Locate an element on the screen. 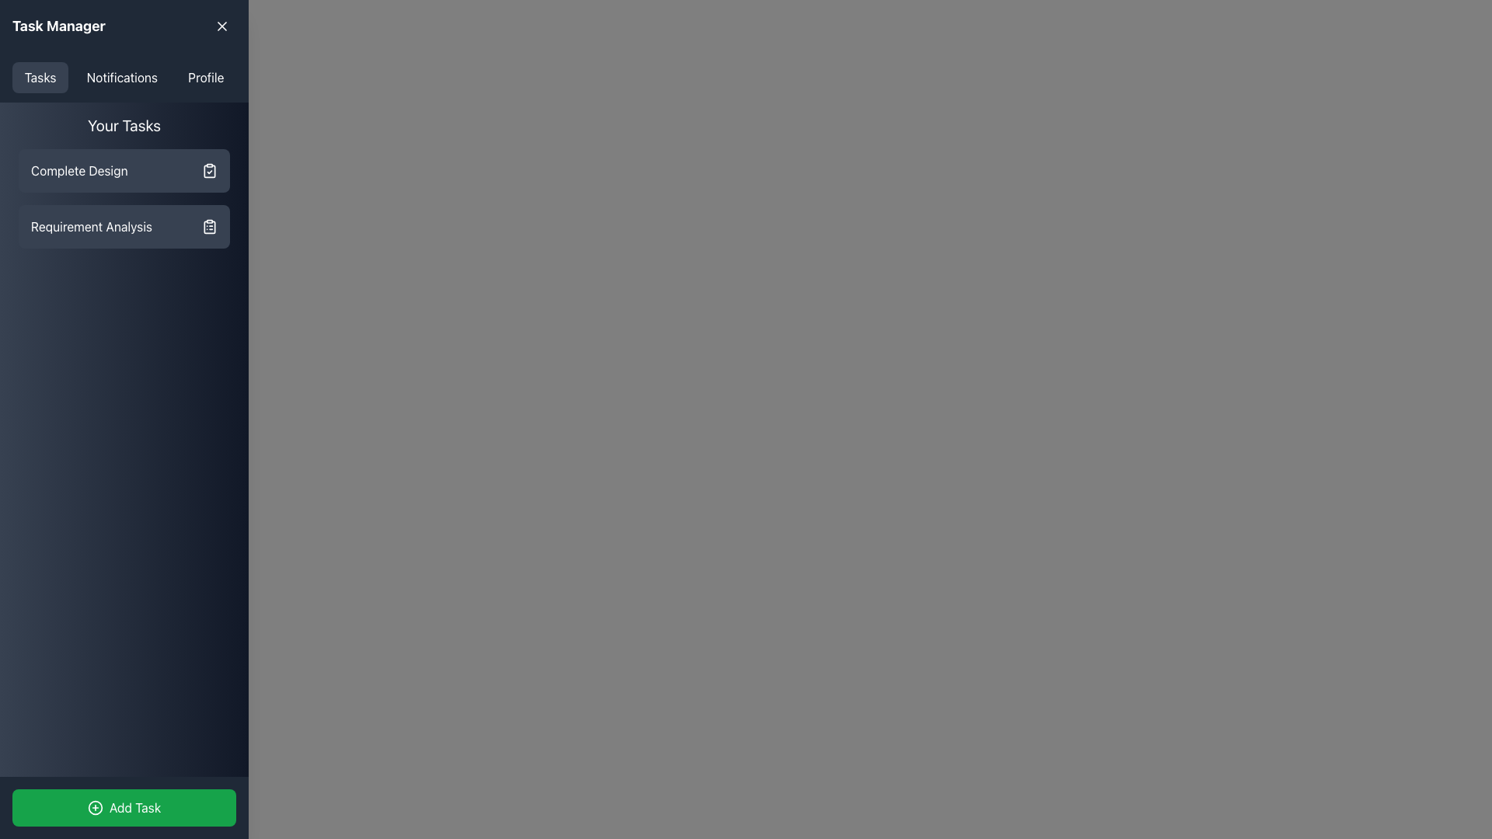 The width and height of the screenshot is (1492, 839). the circular icon with a plus sign, which has a green background and white border, located next to the 'Add Task' button at the bottom of the interface is located at coordinates (94, 807).